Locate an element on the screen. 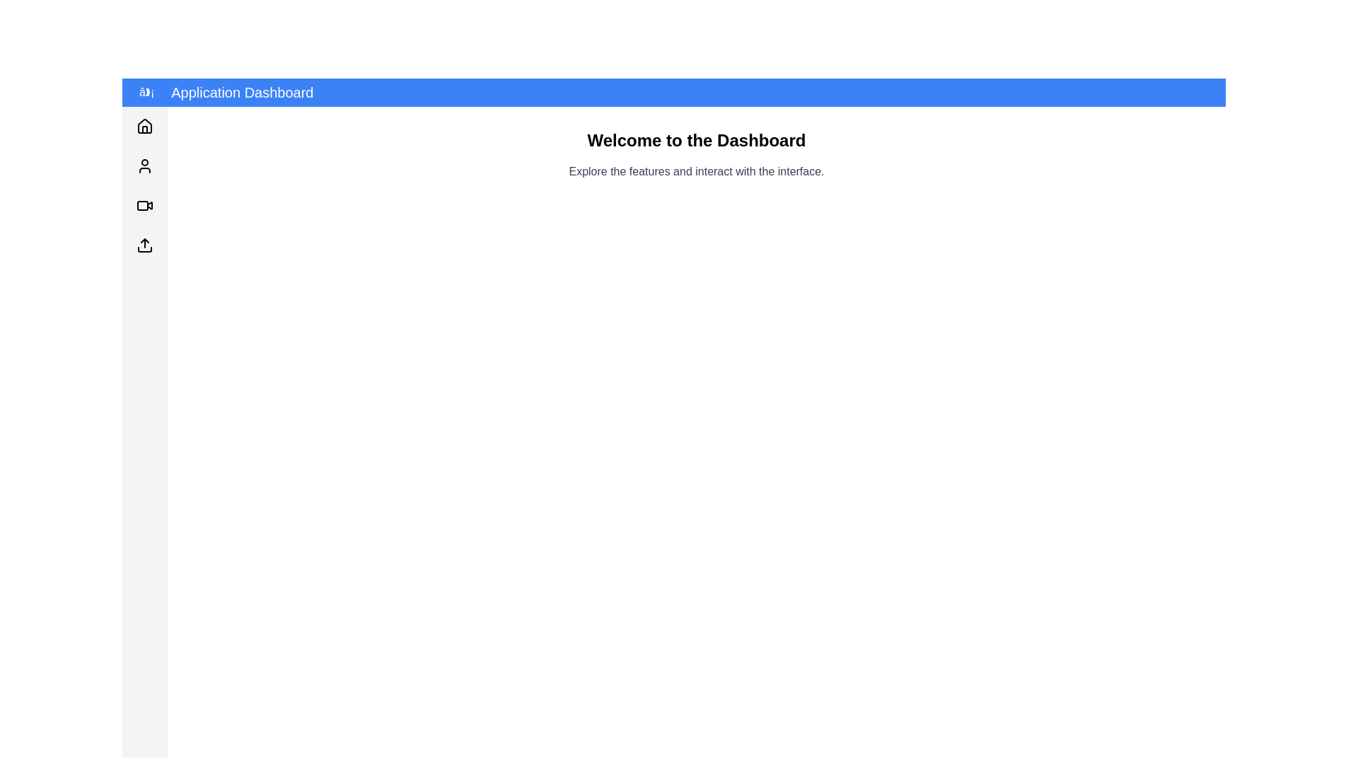 The height and width of the screenshot is (764, 1358). the upload icon button located on the vertical navigation bar, which is the fourth interactive item is located at coordinates (145, 245).